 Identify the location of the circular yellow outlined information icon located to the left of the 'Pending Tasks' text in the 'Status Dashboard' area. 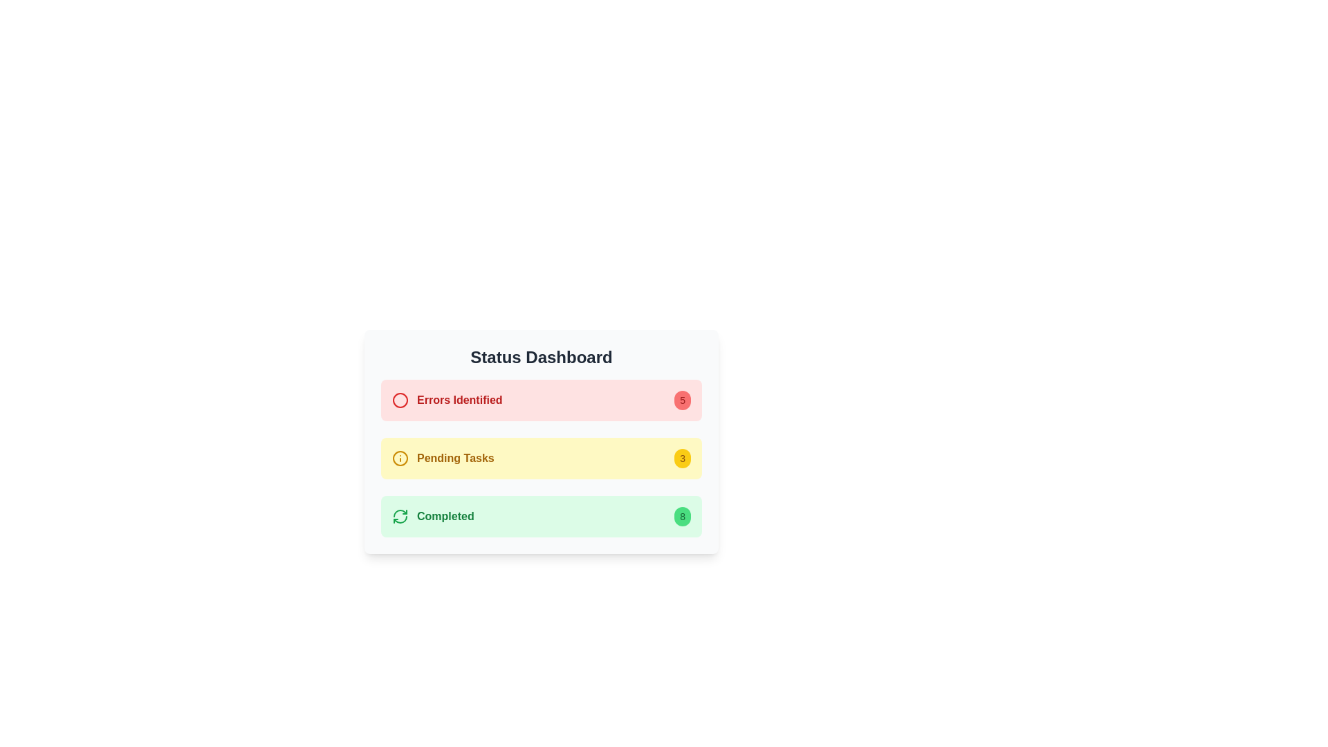
(400, 459).